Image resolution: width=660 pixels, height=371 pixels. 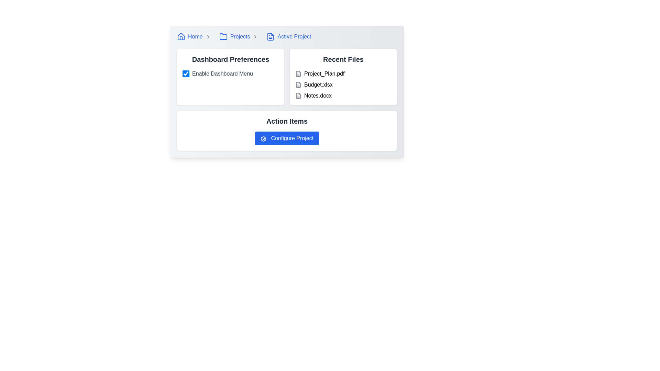 I want to click on the second item in the 'Recent Files' list, titled 'Budget.xlsx', so click(x=343, y=84).